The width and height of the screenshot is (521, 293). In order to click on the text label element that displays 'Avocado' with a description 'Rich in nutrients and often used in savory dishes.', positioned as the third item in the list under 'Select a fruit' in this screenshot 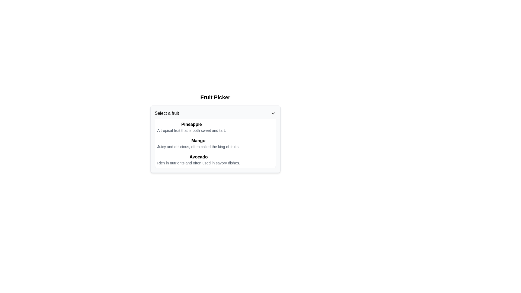, I will do `click(215, 160)`.